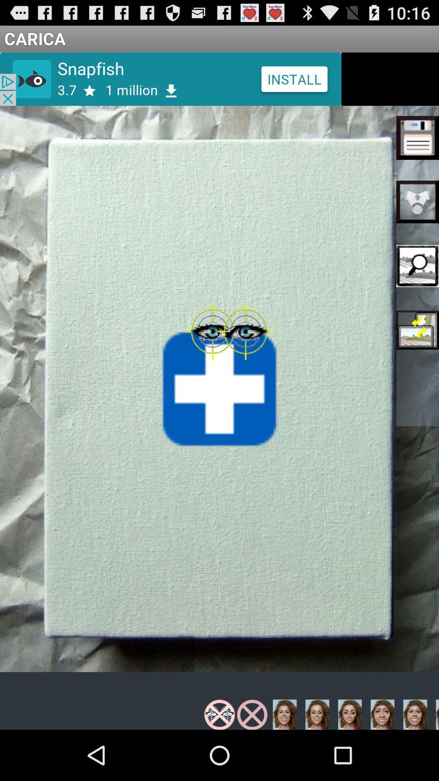 This screenshot has height=781, width=439. I want to click on the second filter which is in the bottom line of the page, so click(252, 714).